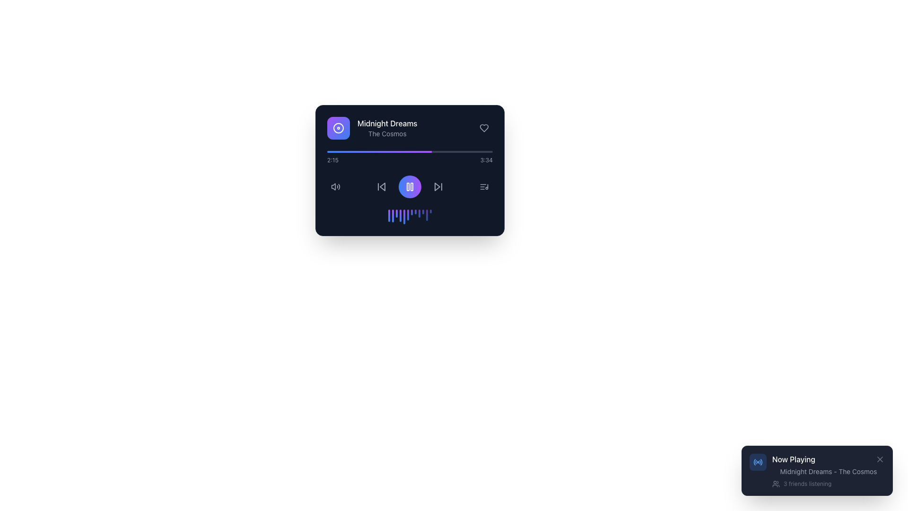 This screenshot has width=908, height=511. Describe the element at coordinates (381, 186) in the screenshot. I see `the skip-back control button, which is a small white icon with a left-pointing triangle and vertical line, located` at that location.